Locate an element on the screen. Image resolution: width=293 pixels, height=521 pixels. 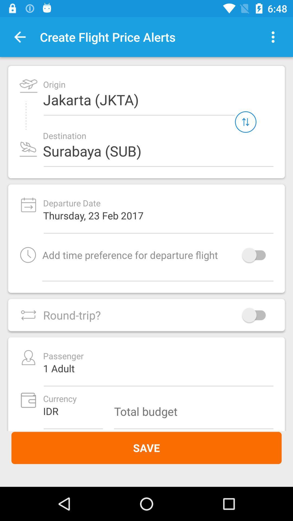
the icon above the jakarta (jkta) item is located at coordinates (273, 37).